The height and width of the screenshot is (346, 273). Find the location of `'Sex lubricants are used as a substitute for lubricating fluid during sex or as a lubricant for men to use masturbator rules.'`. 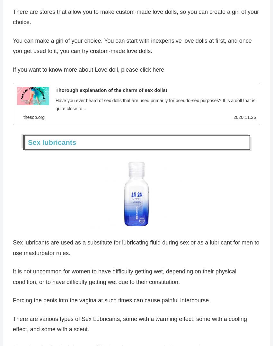

'Sex lubricants are used as a substitute for lubricating fluid during sex or as a lubricant for men to use masturbator rules.' is located at coordinates (136, 249).